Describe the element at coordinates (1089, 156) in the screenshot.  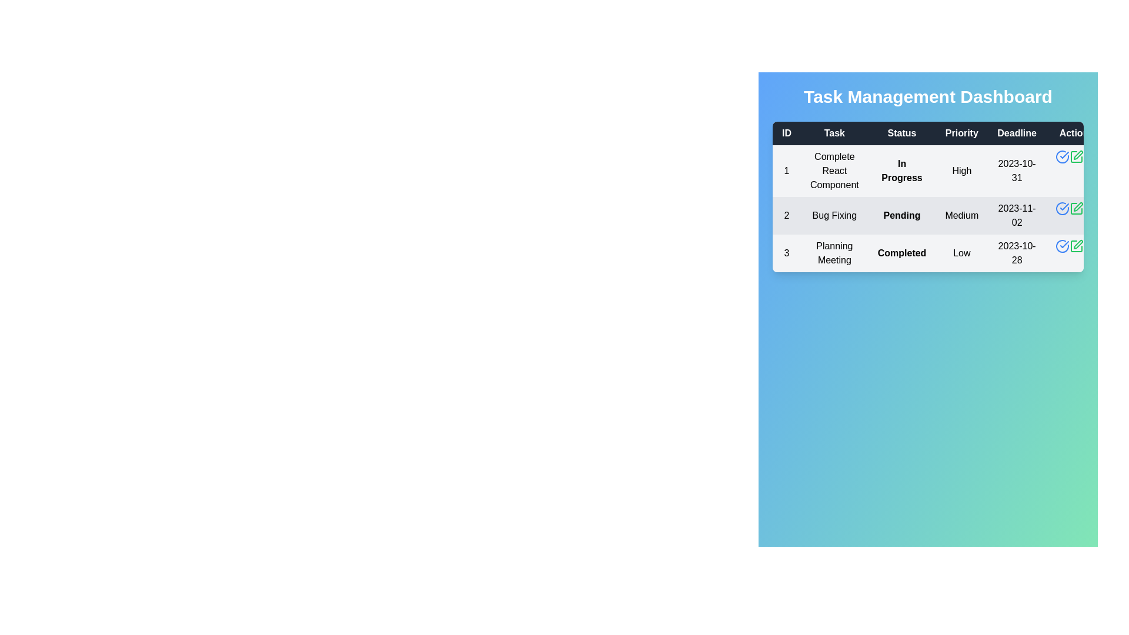
I see `the delete button for task 1` at that location.